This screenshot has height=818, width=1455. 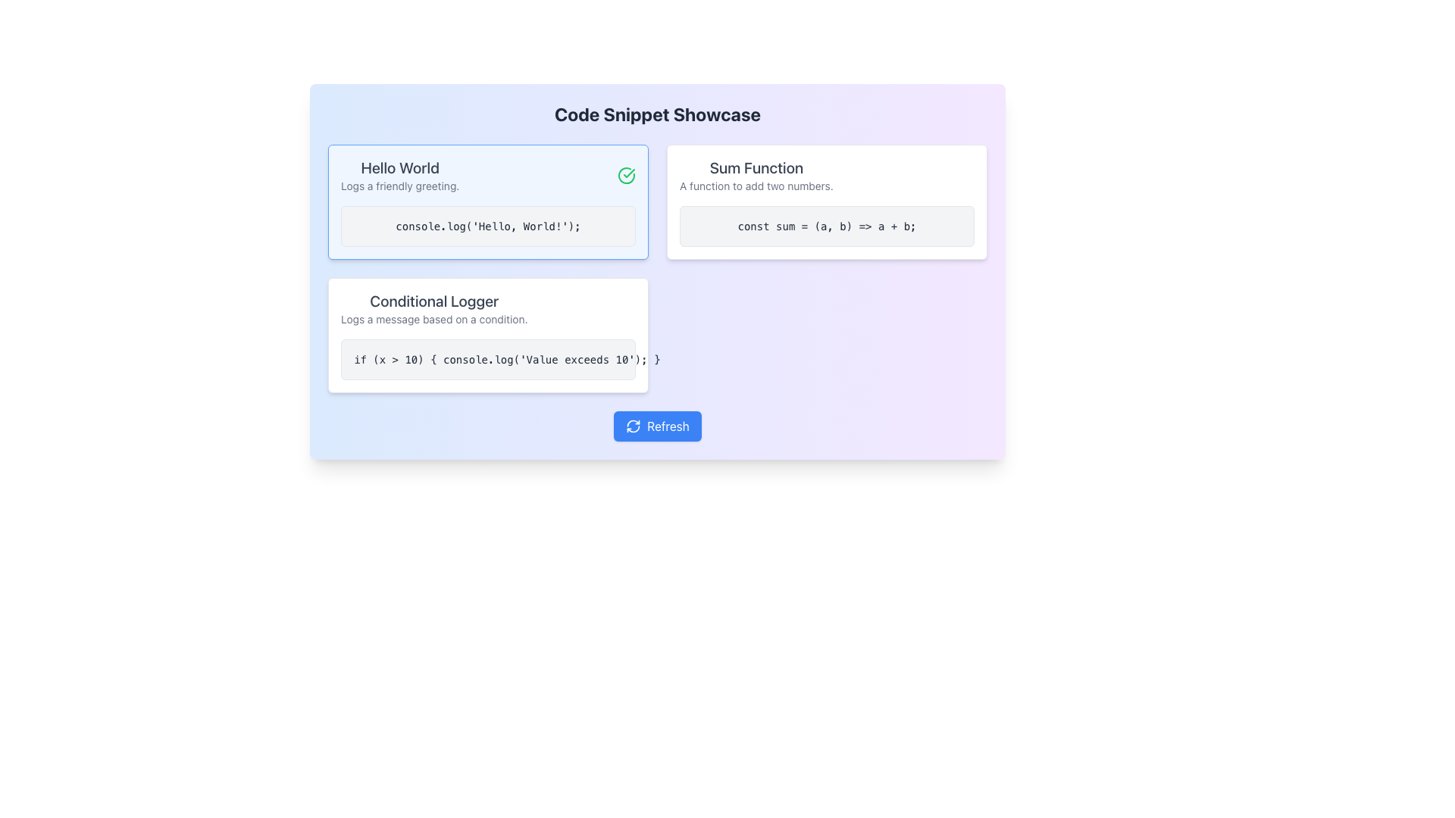 I want to click on the code snippet box that displays a JavaScript command for logging a message to the console, located within the blue-bordered card titled 'Hello World', so click(x=488, y=226).